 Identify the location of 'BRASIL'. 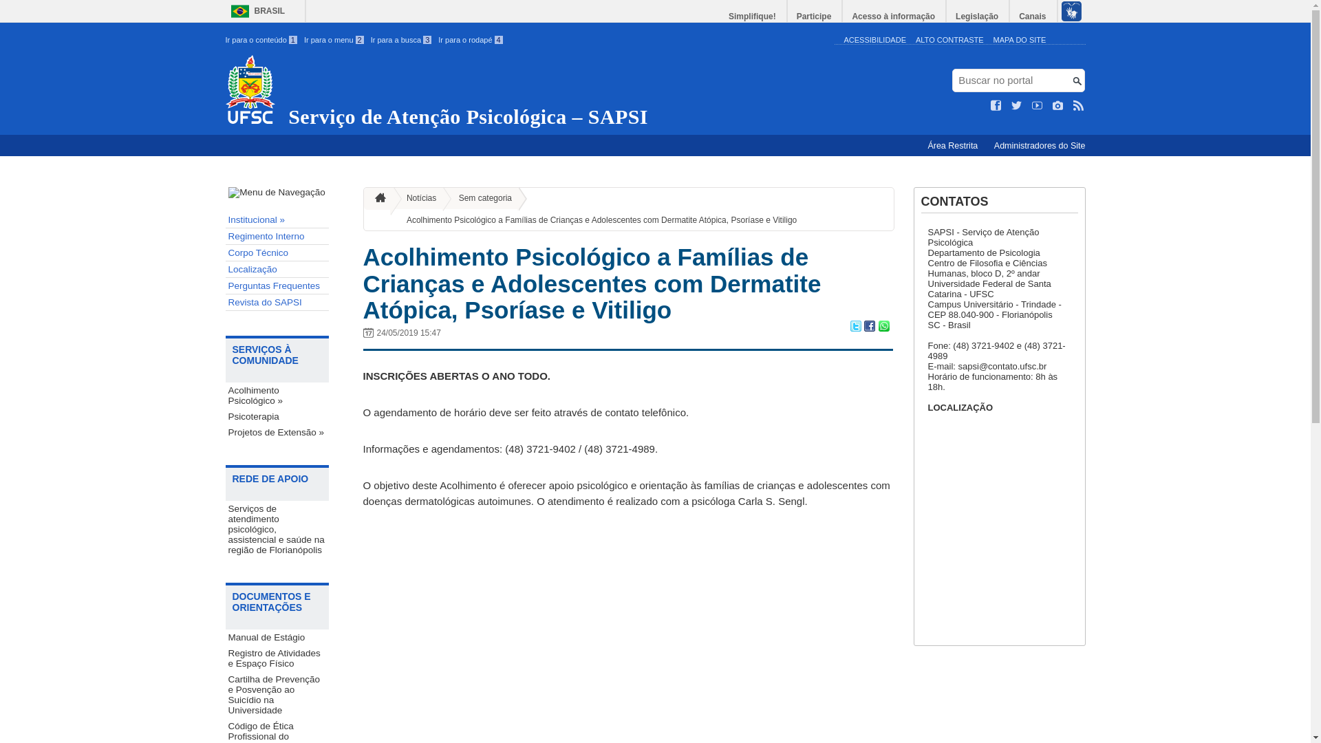
(225, 11).